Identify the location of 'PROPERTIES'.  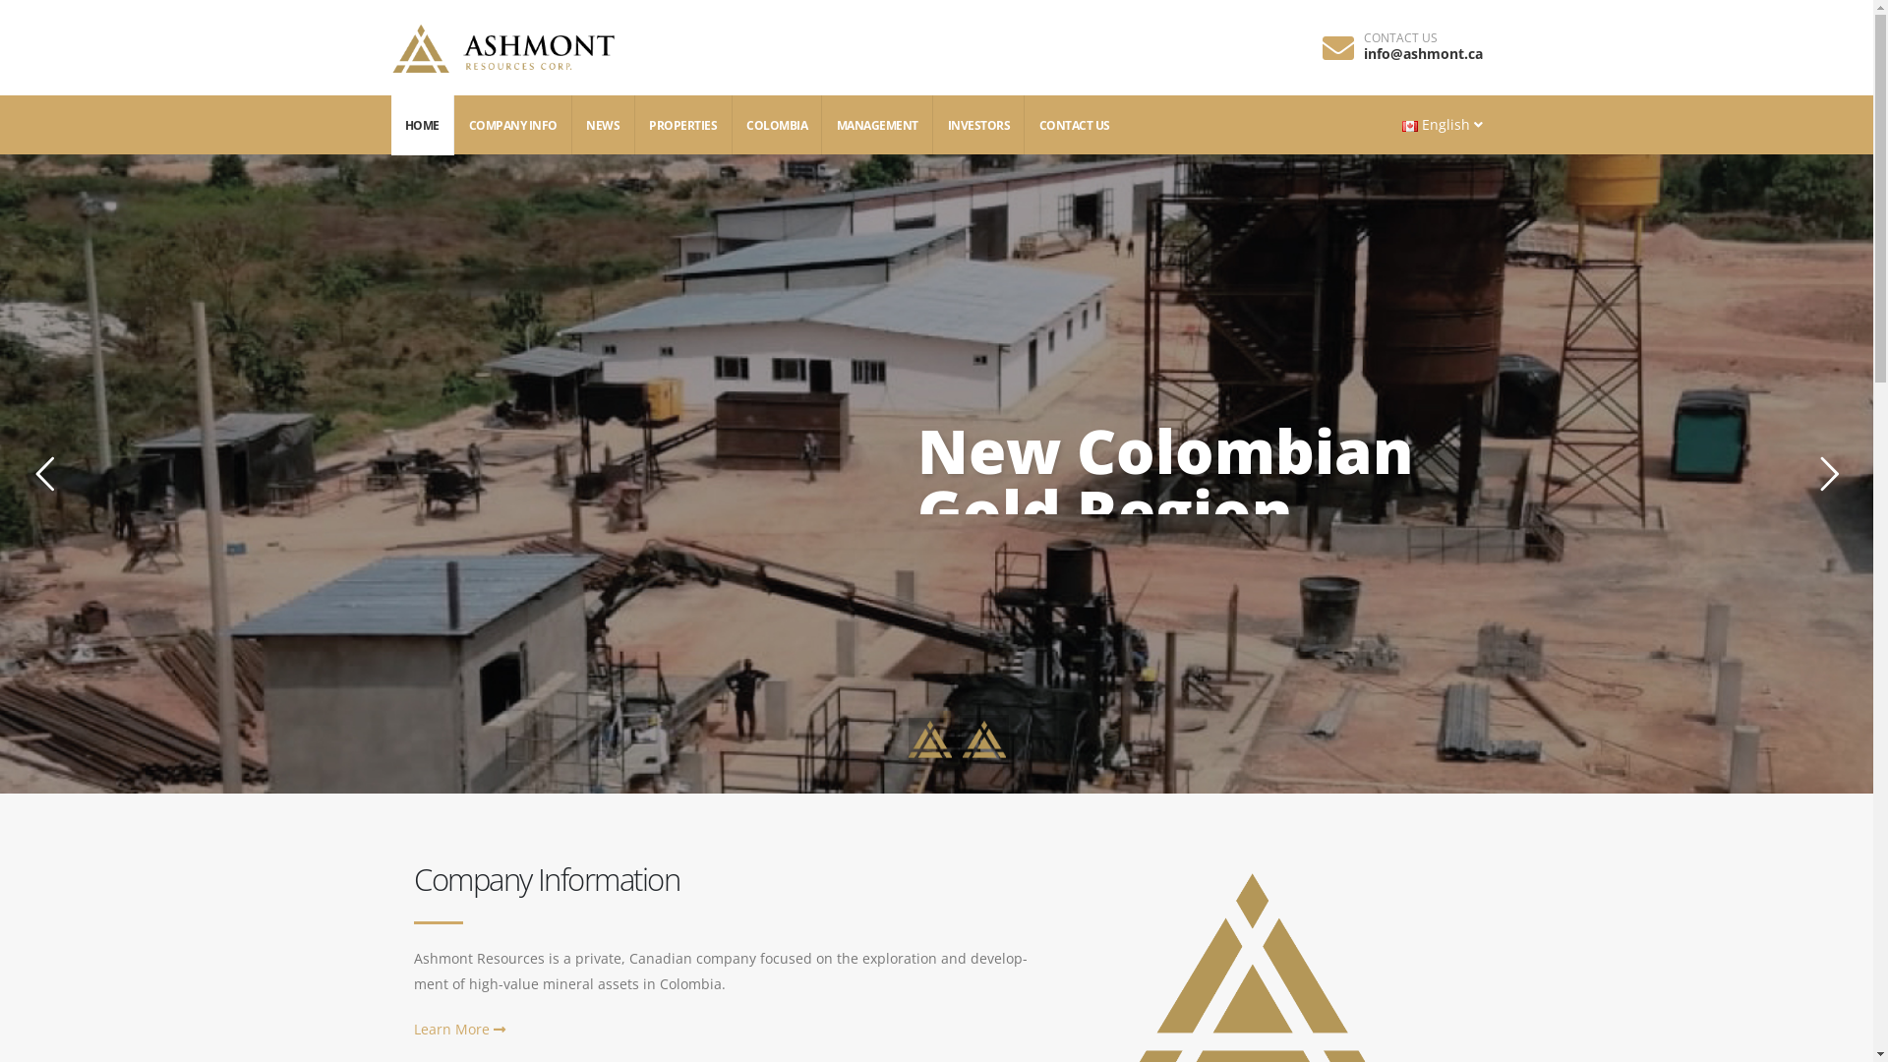
(683, 125).